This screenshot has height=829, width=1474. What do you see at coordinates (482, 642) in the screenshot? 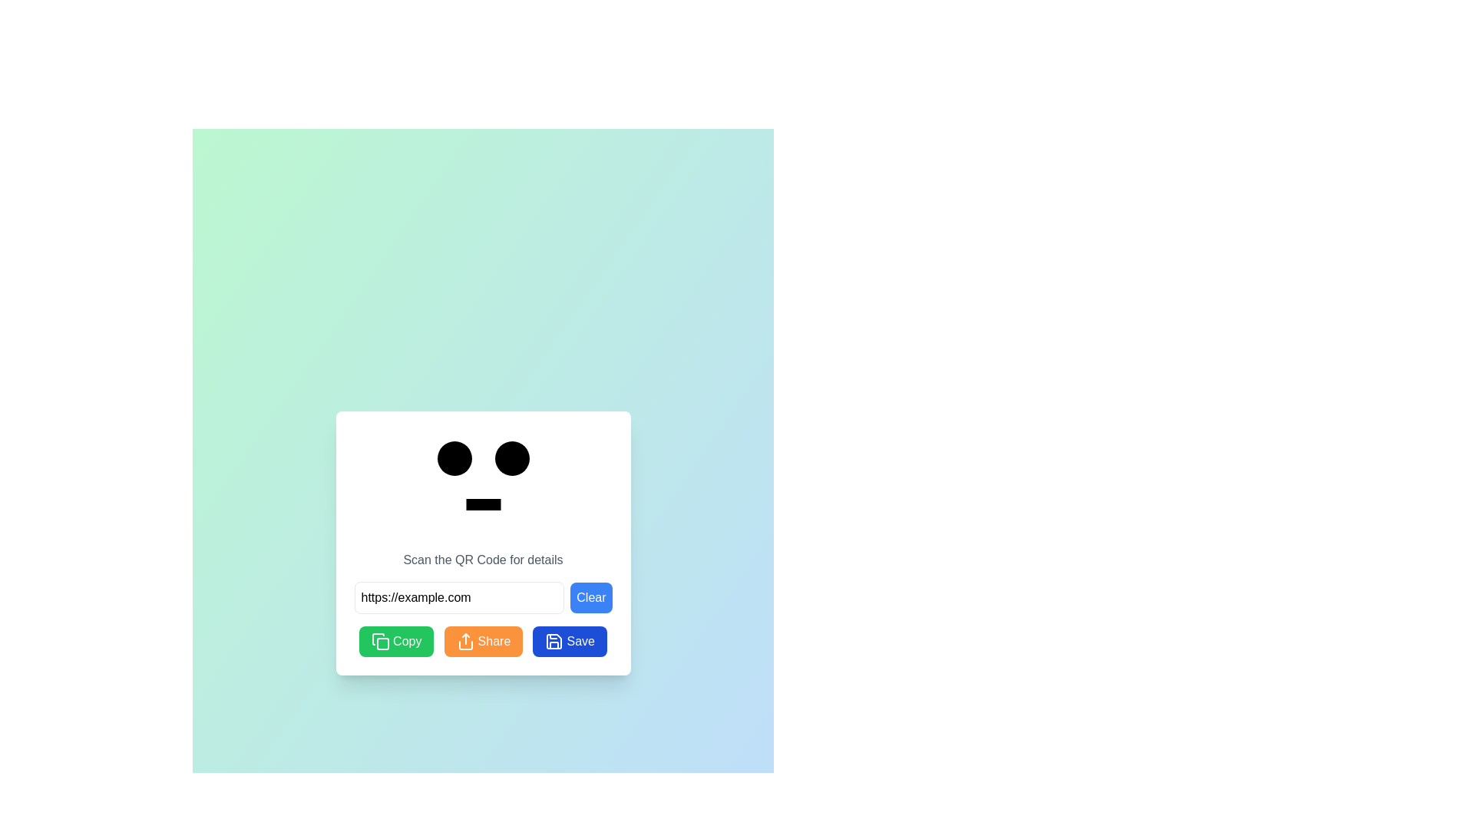
I see `the 'Share' button in the utility toolbar located at the bottom of the card-like area below the text field input` at bounding box center [482, 642].